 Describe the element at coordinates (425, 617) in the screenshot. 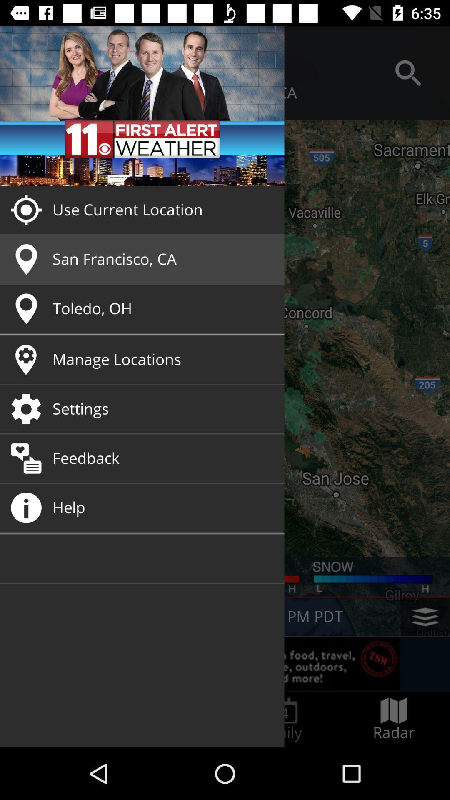

I see `the icon at bottom right side of pm pdt` at that location.